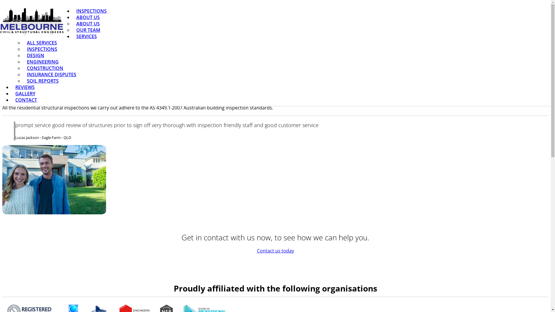  Describe the element at coordinates (12, 87) in the screenshot. I see `'REVIEWS'` at that location.